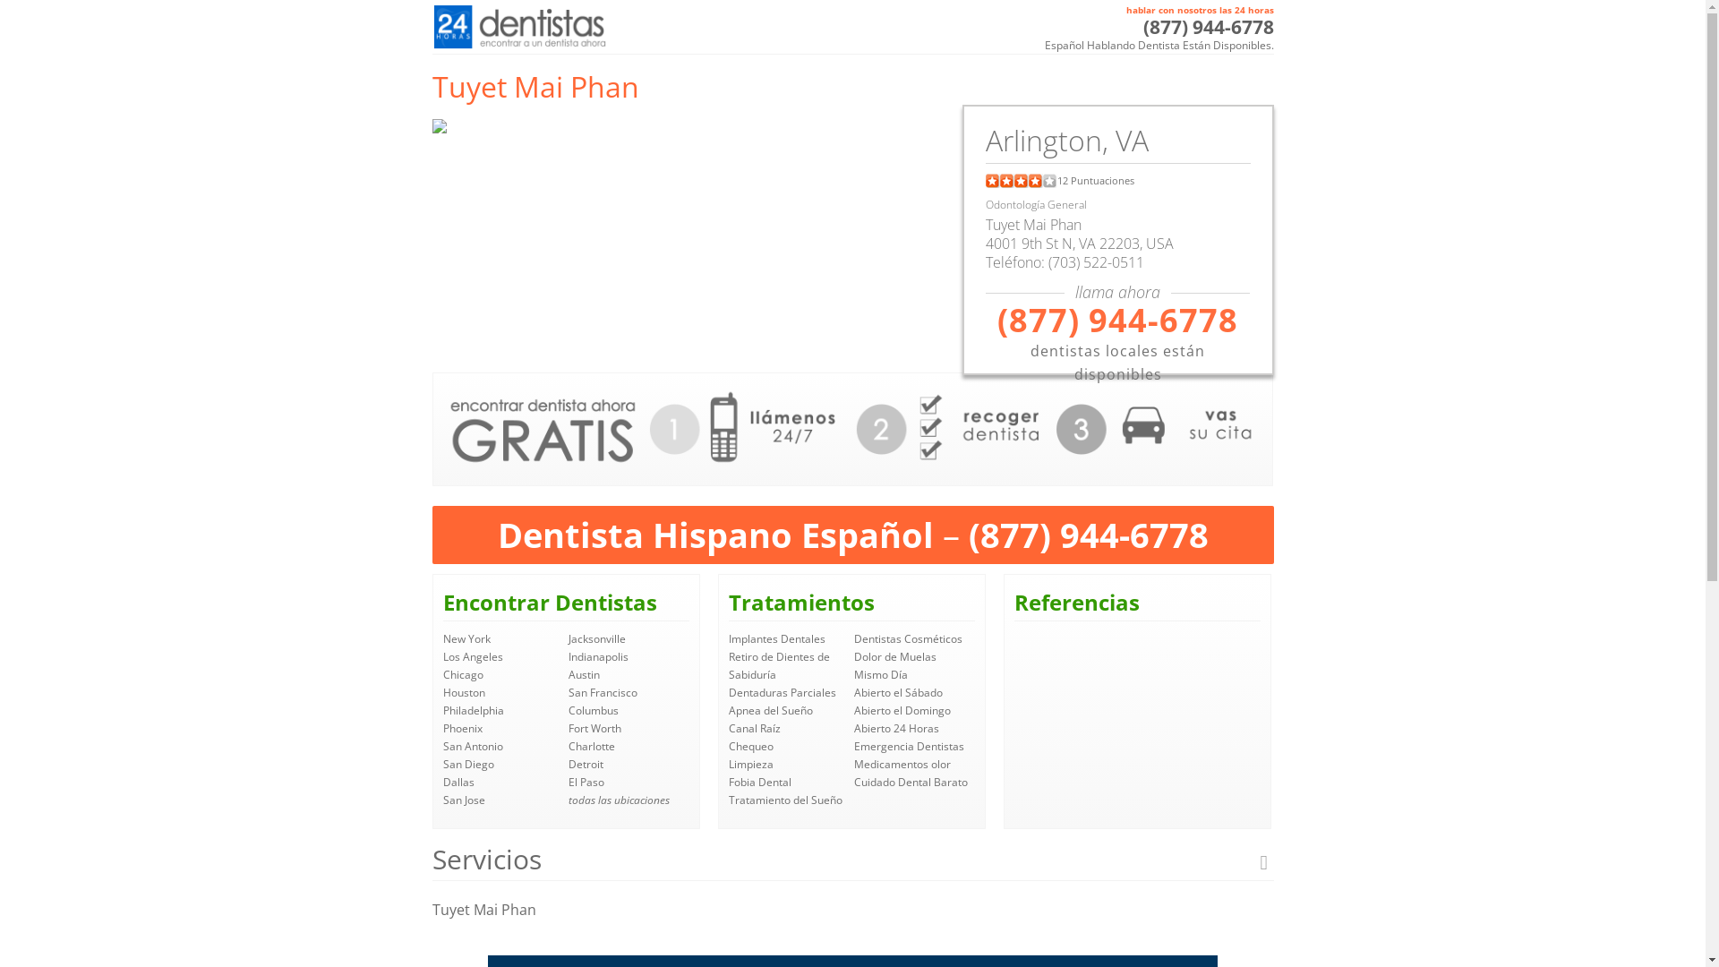 This screenshot has width=1719, height=967. Describe the element at coordinates (597, 638) in the screenshot. I see `'Jacksonville'` at that location.